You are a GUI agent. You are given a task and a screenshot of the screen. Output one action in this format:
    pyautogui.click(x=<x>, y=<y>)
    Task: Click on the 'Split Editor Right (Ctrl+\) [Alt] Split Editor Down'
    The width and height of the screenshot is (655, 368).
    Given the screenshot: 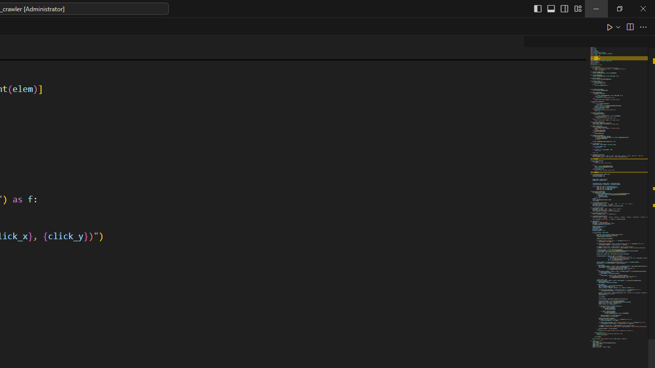 What is the action you would take?
    pyautogui.click(x=629, y=26)
    